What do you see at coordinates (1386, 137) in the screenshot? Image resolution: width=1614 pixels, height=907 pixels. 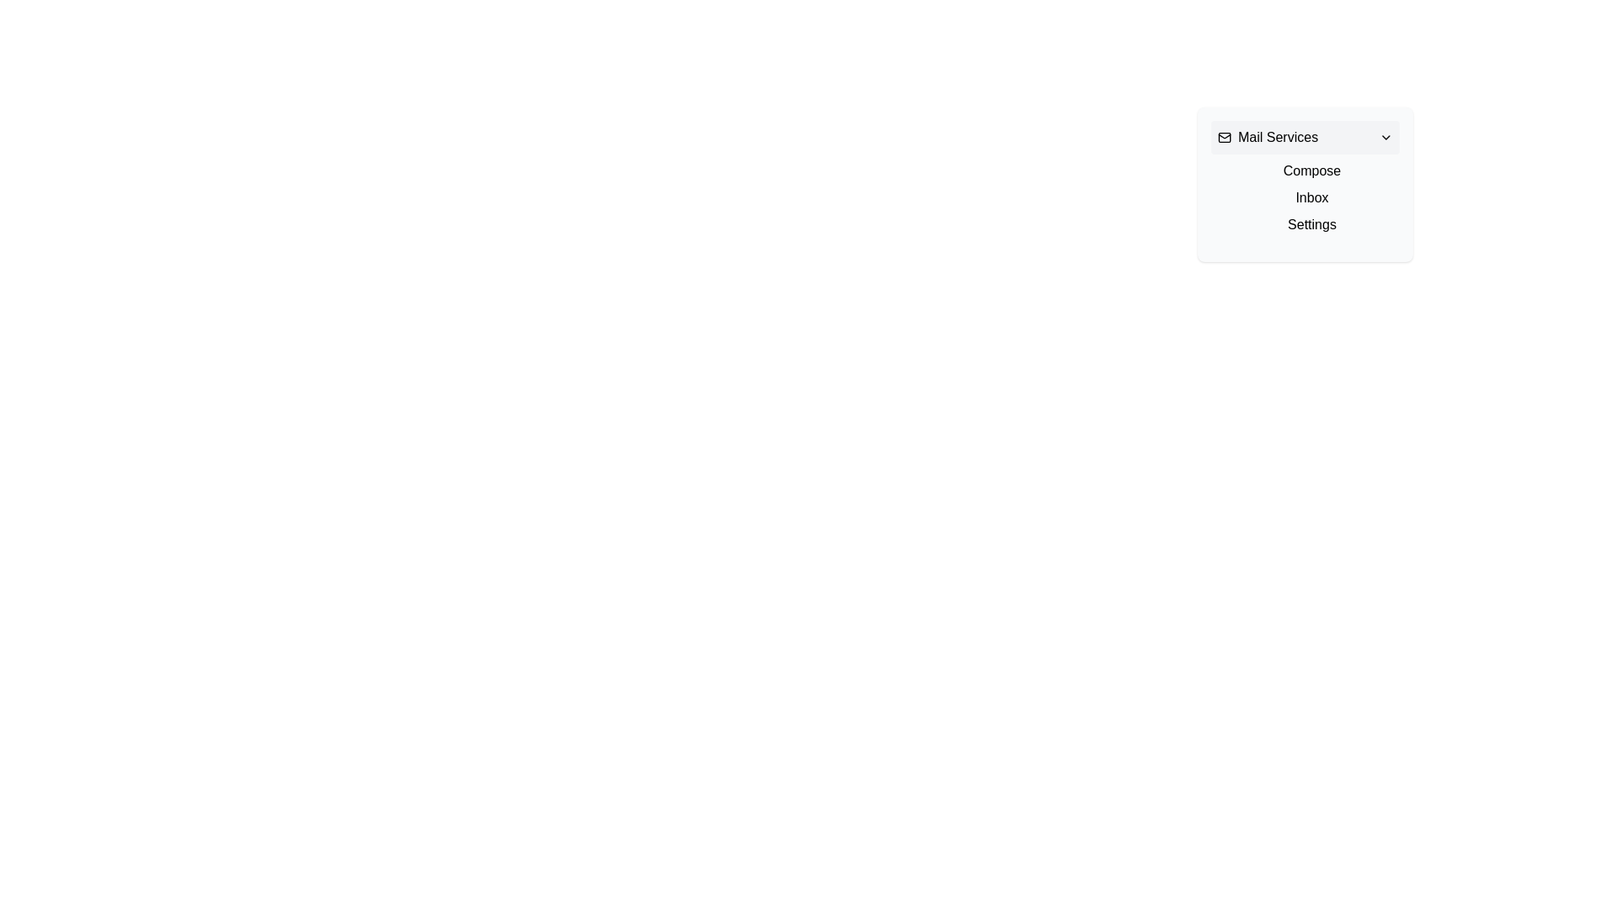 I see `the black chevron-down icon` at bounding box center [1386, 137].